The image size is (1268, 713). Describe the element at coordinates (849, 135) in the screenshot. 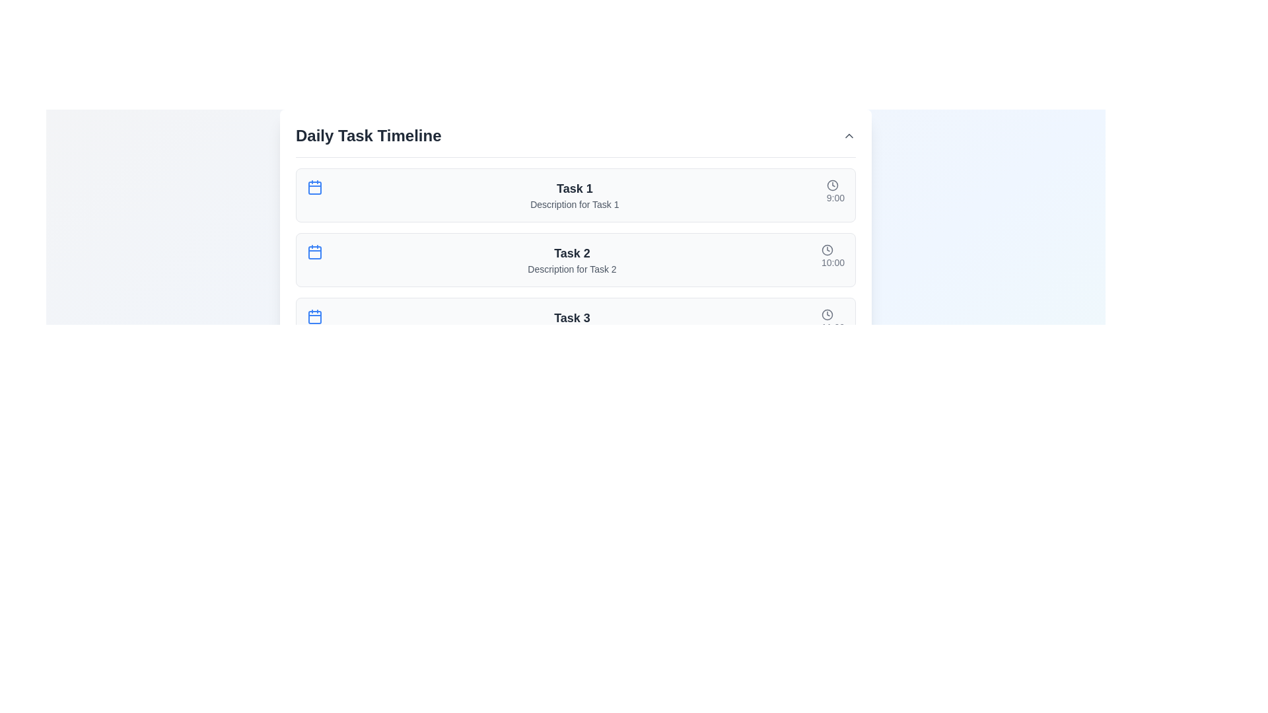

I see `toggle button to change the visibility of the task list` at that location.